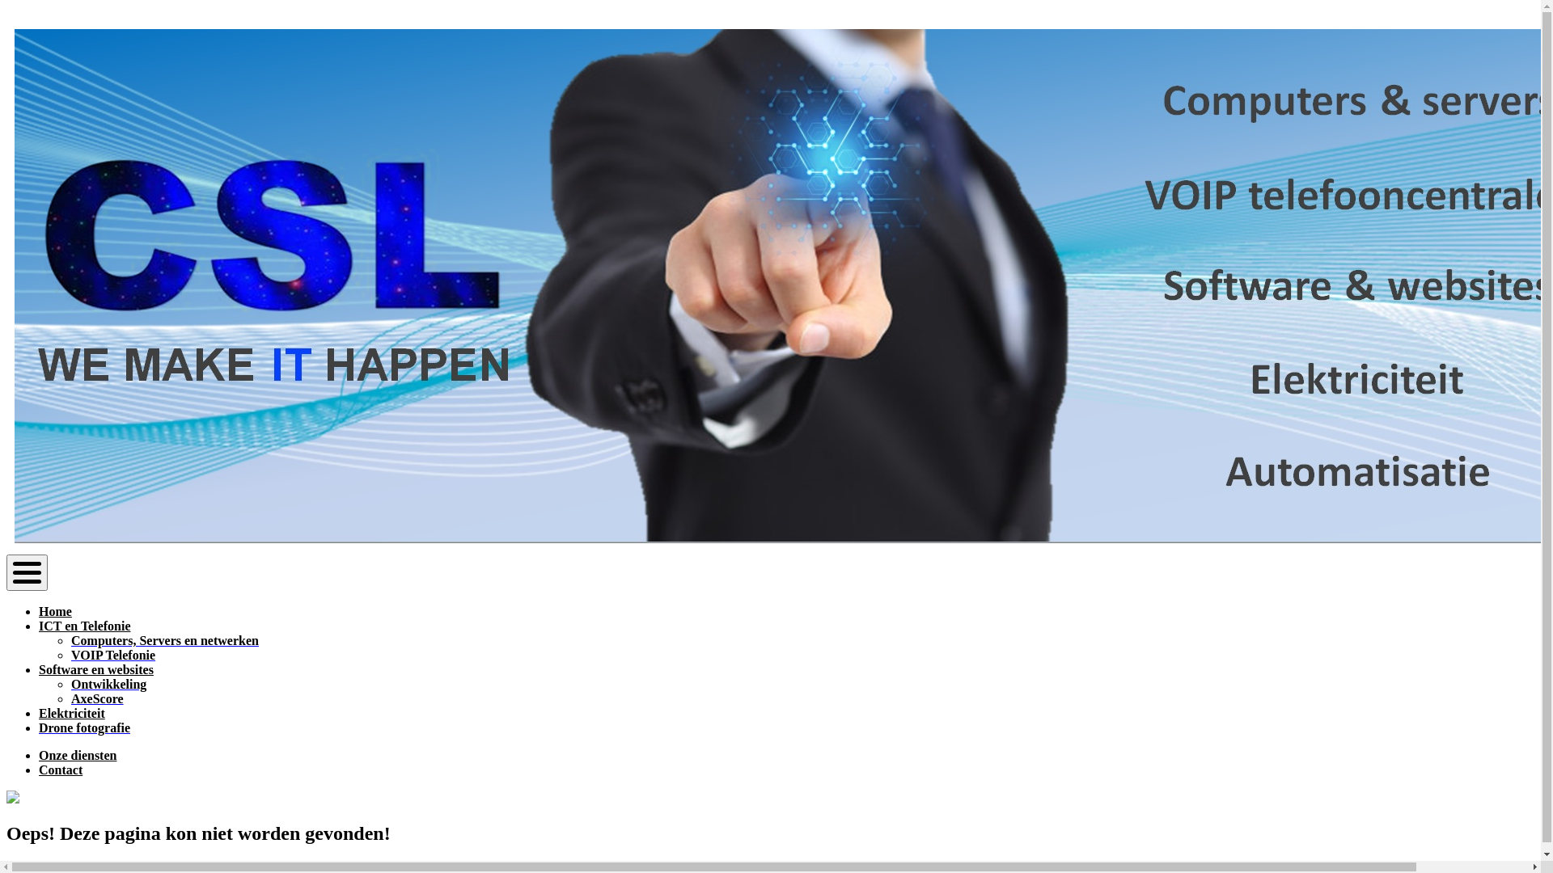 The image size is (1553, 873). Describe the element at coordinates (112, 655) in the screenshot. I see `'VOIP Telefonie'` at that location.